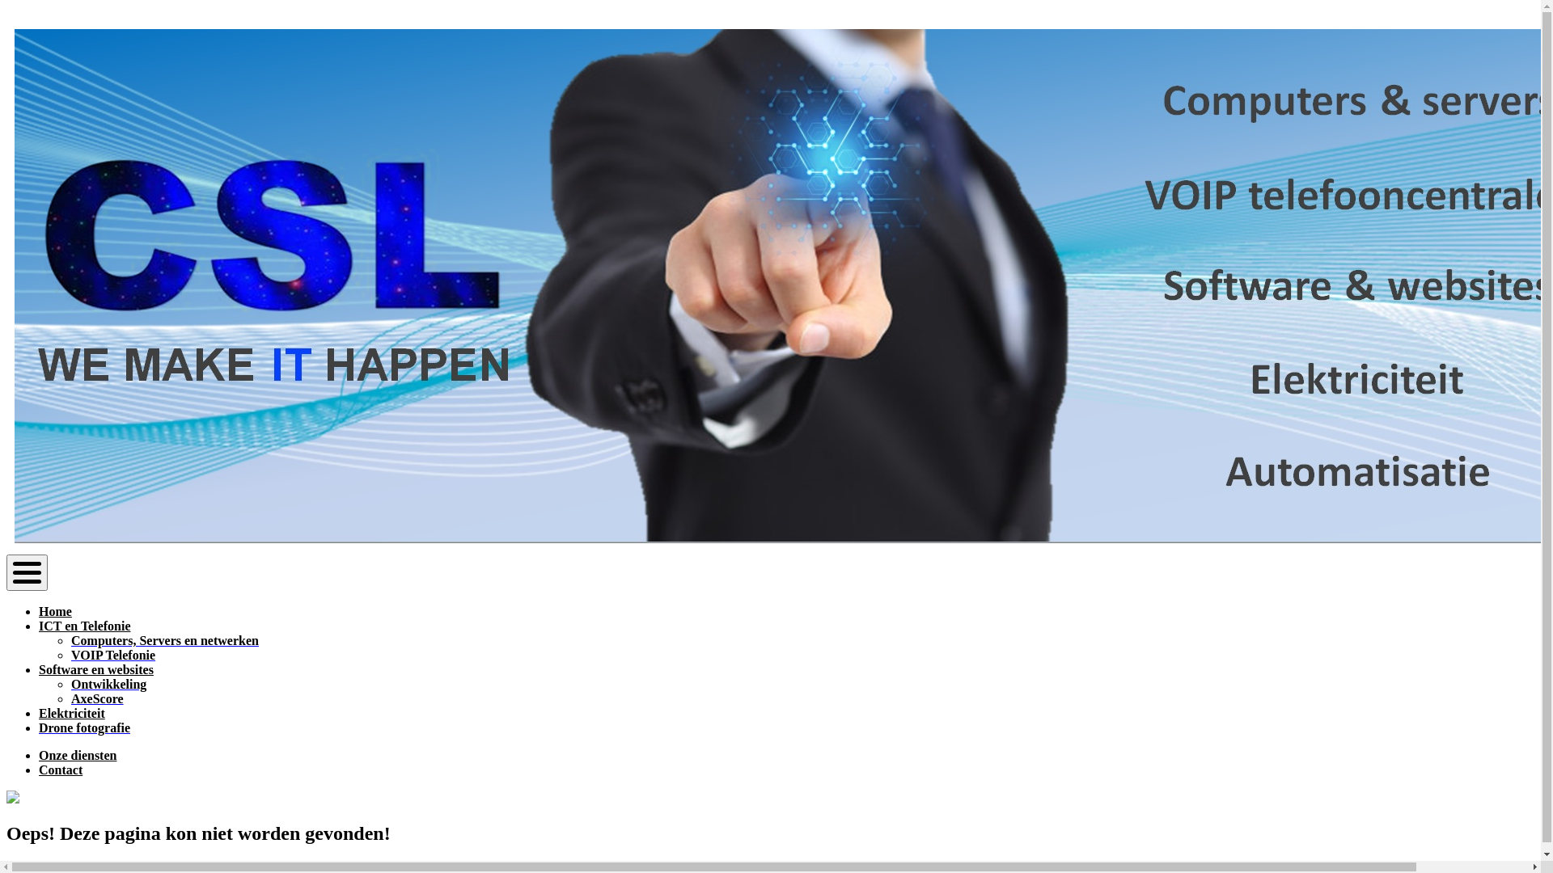 The image size is (1553, 873). Describe the element at coordinates (112, 655) in the screenshot. I see `'VOIP Telefonie'` at that location.